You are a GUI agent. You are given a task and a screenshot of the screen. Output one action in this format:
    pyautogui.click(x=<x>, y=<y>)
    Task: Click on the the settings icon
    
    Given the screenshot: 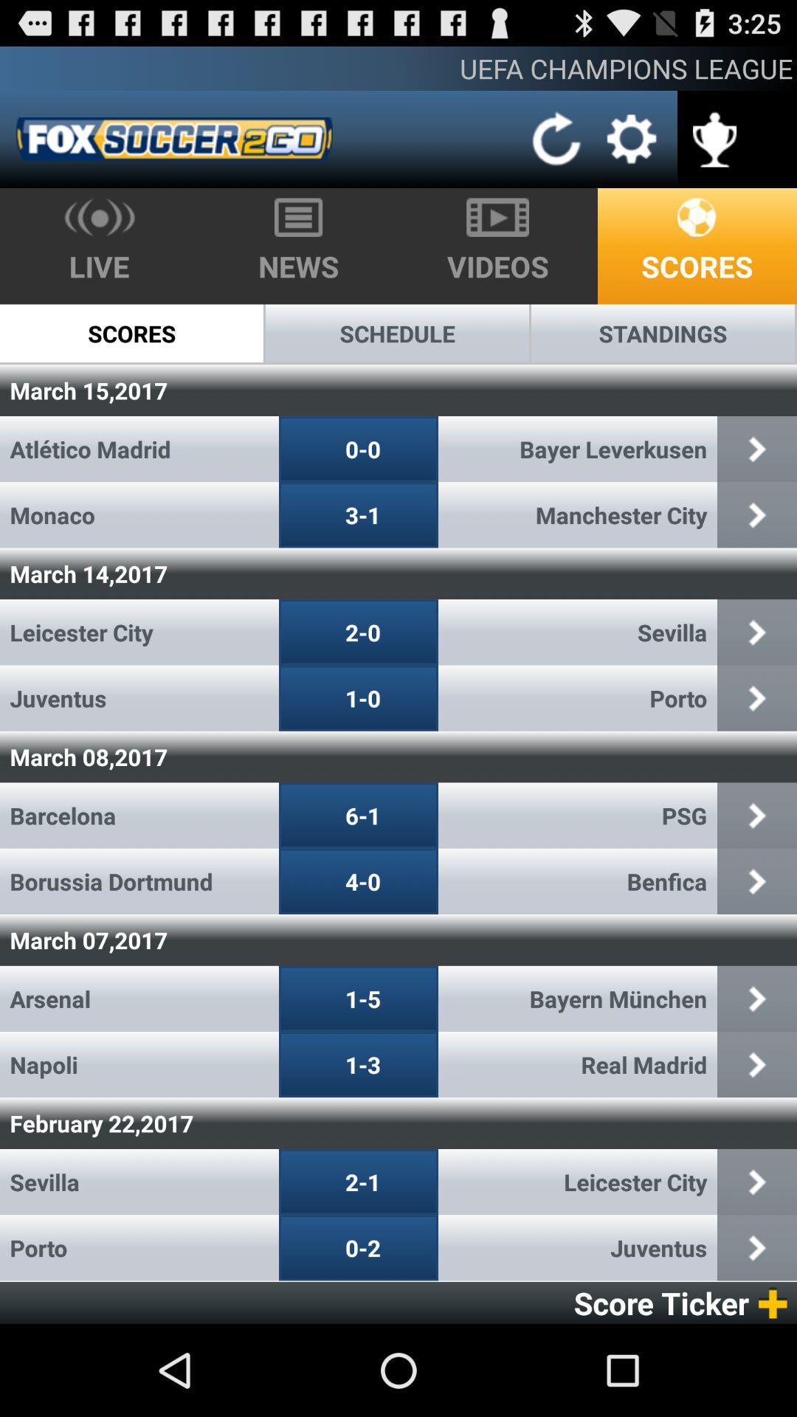 What is the action you would take?
    pyautogui.click(x=631, y=148)
    